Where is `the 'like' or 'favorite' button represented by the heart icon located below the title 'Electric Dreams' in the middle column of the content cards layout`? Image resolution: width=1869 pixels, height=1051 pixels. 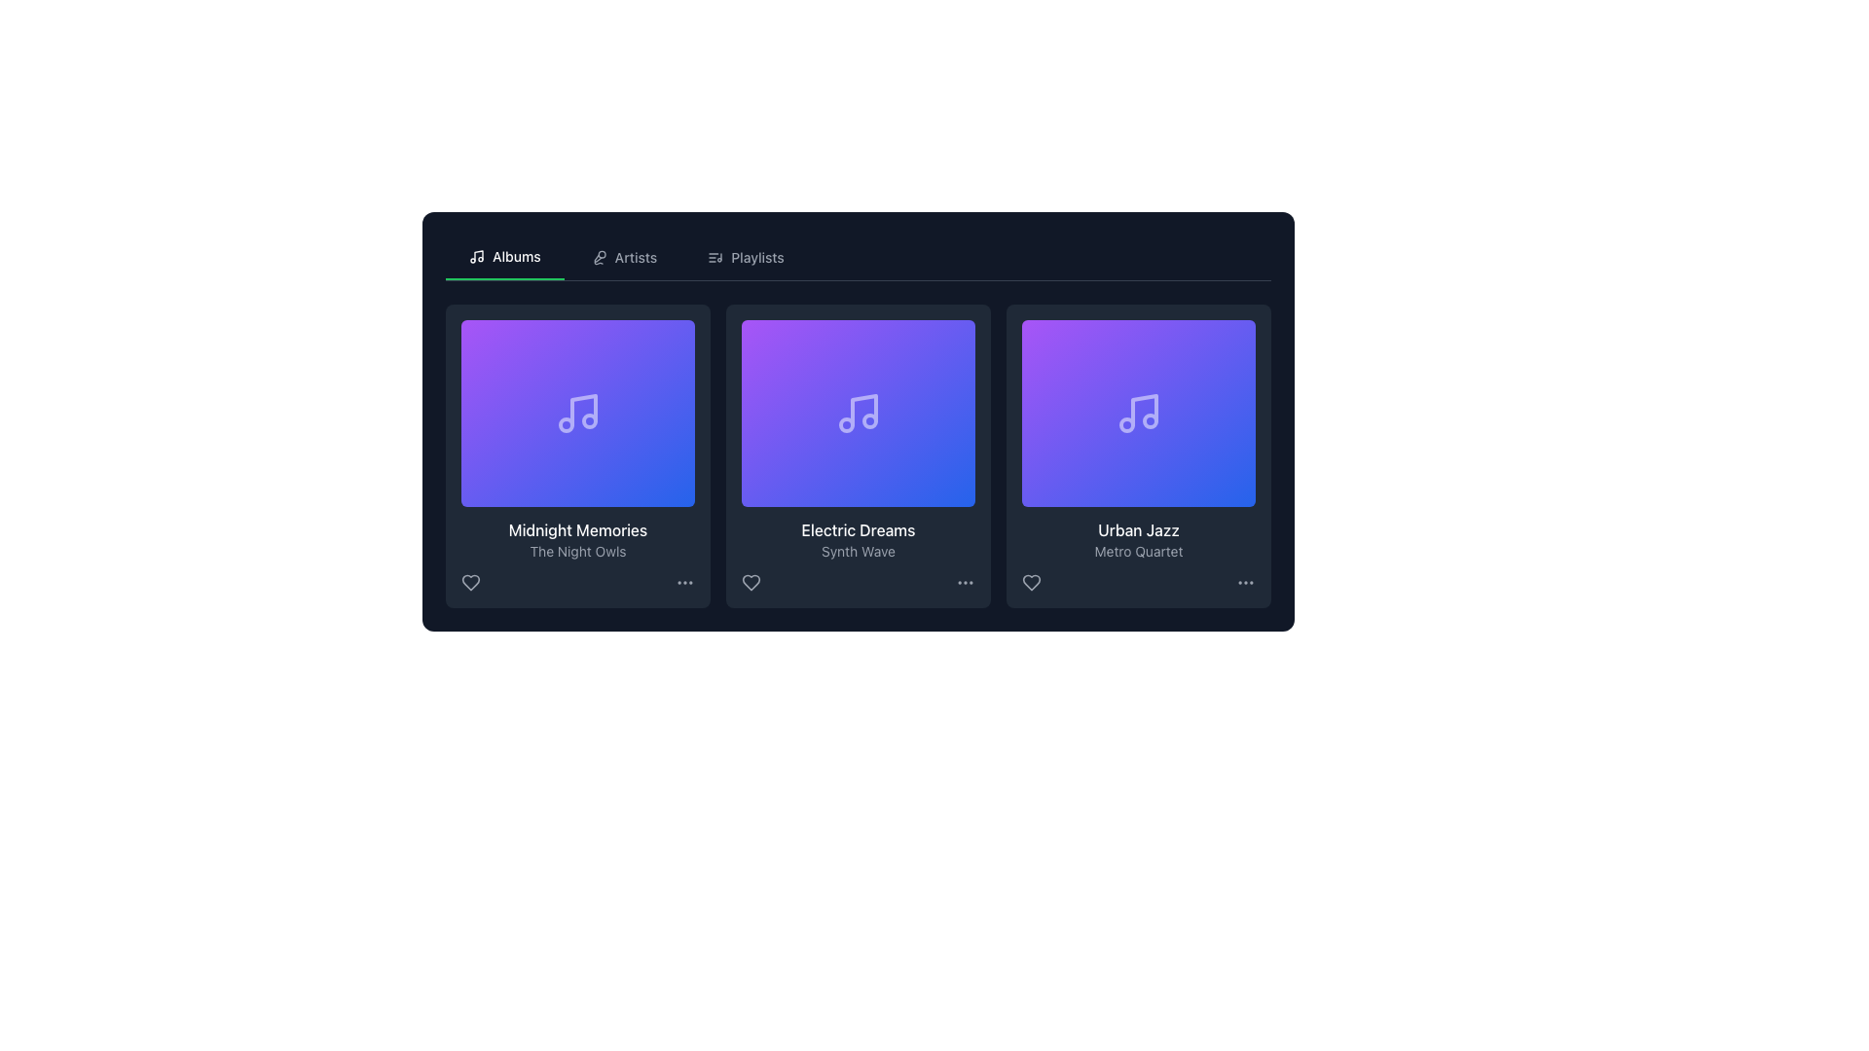
the 'like' or 'favorite' button represented by the heart icon located below the title 'Electric Dreams' in the middle column of the content cards layout is located at coordinates (751, 581).